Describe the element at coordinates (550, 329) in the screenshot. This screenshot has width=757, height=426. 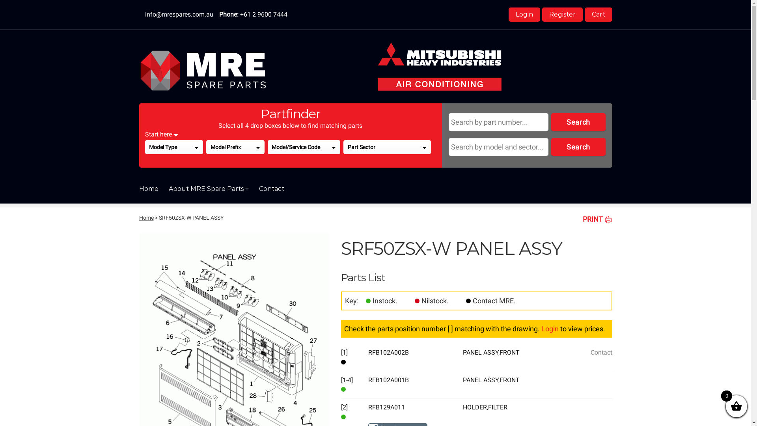
I see `'Login'` at that location.